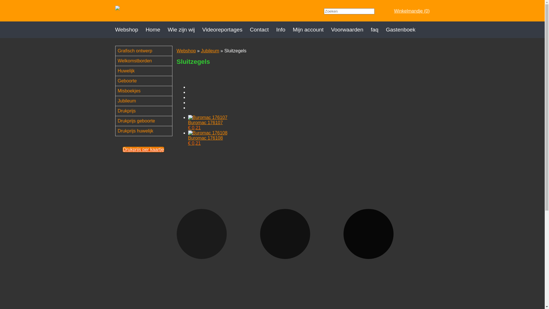 The image size is (549, 309). I want to click on 'Drukprijs per kaartje', so click(143, 149).